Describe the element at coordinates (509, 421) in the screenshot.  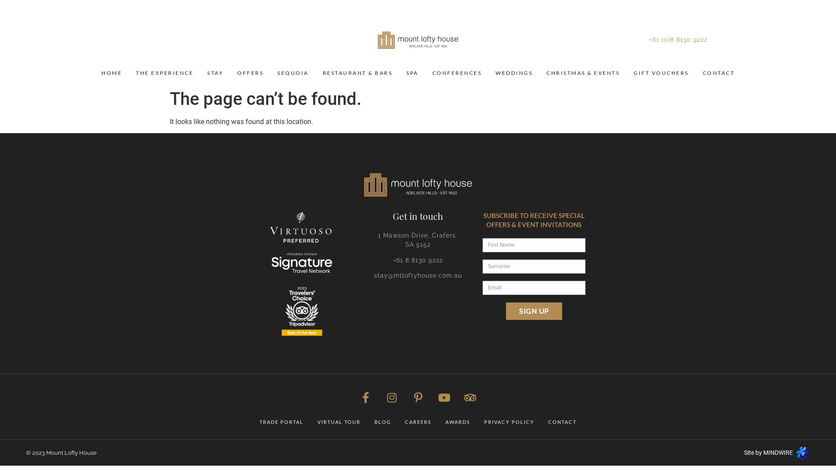
I see `'PRIVACY POLICY'` at that location.